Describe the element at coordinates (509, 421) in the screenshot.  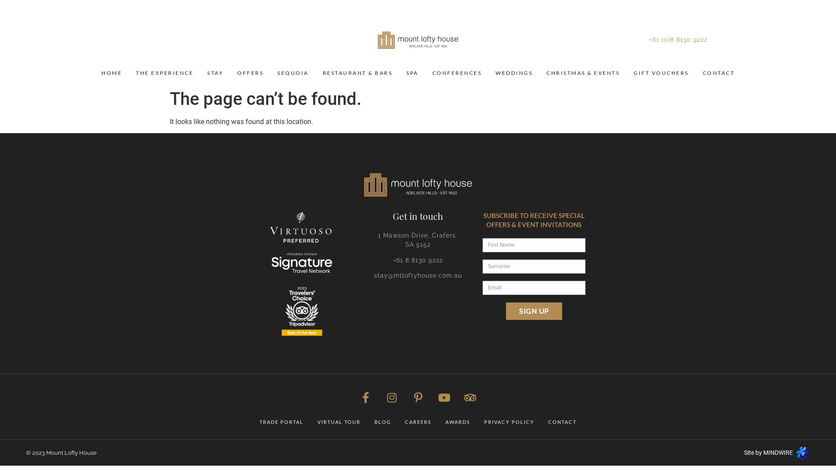
I see `'PRIVACY POLICY'` at that location.